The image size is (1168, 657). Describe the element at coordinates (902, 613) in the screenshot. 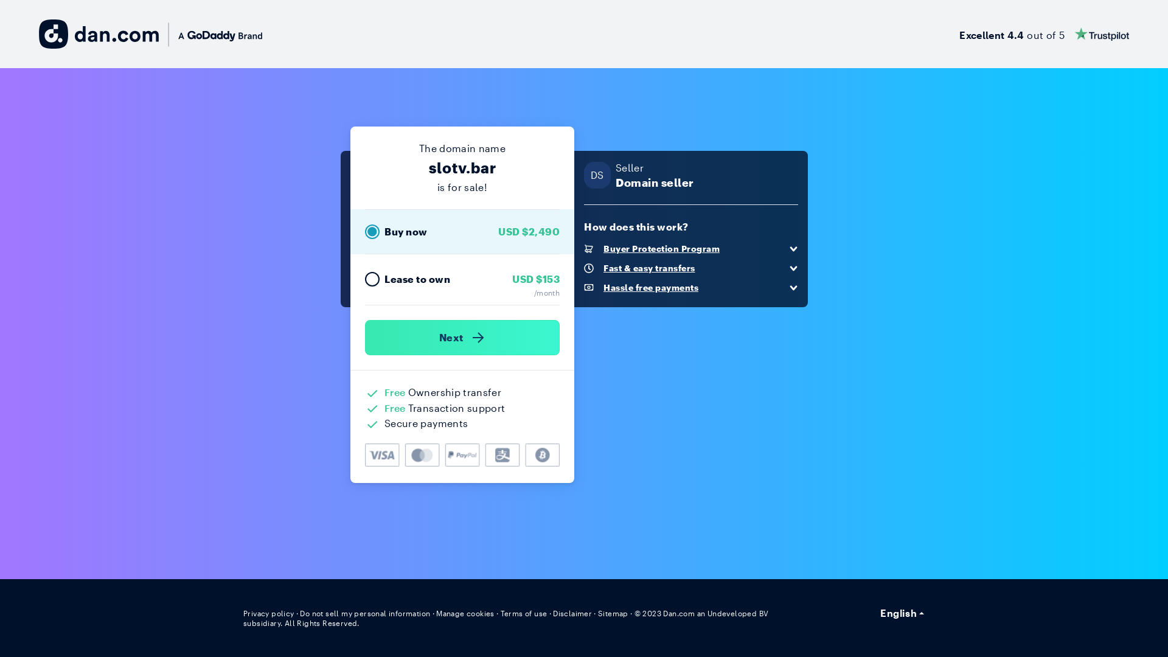

I see `'English'` at that location.